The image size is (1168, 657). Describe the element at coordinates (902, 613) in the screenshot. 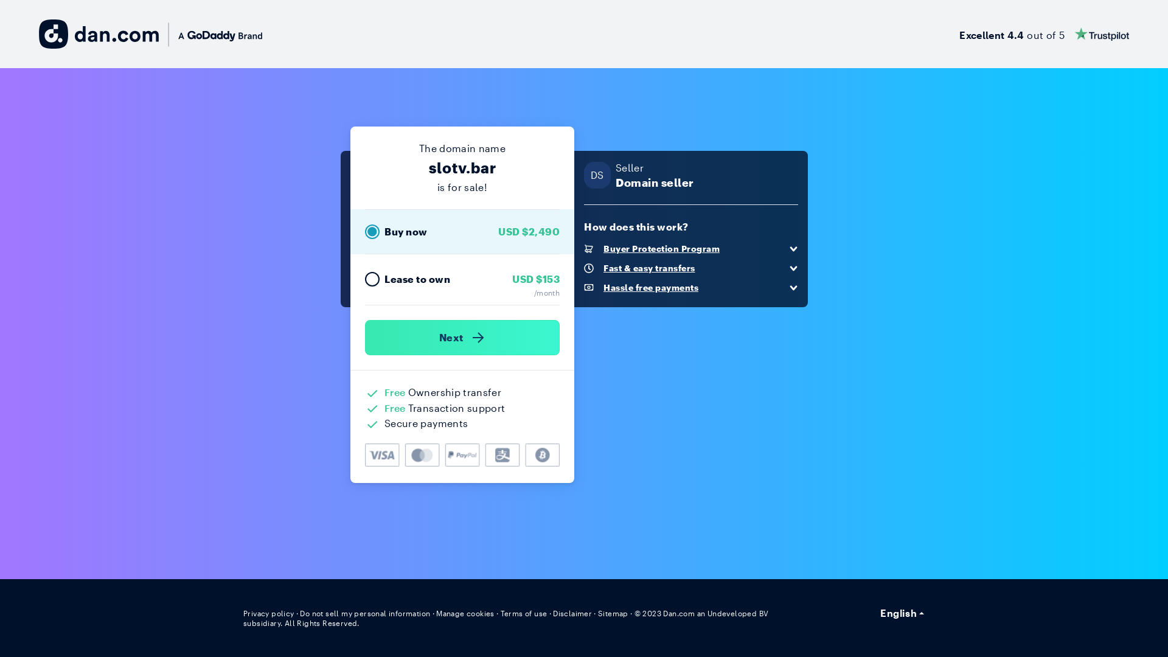

I see `'English'` at that location.